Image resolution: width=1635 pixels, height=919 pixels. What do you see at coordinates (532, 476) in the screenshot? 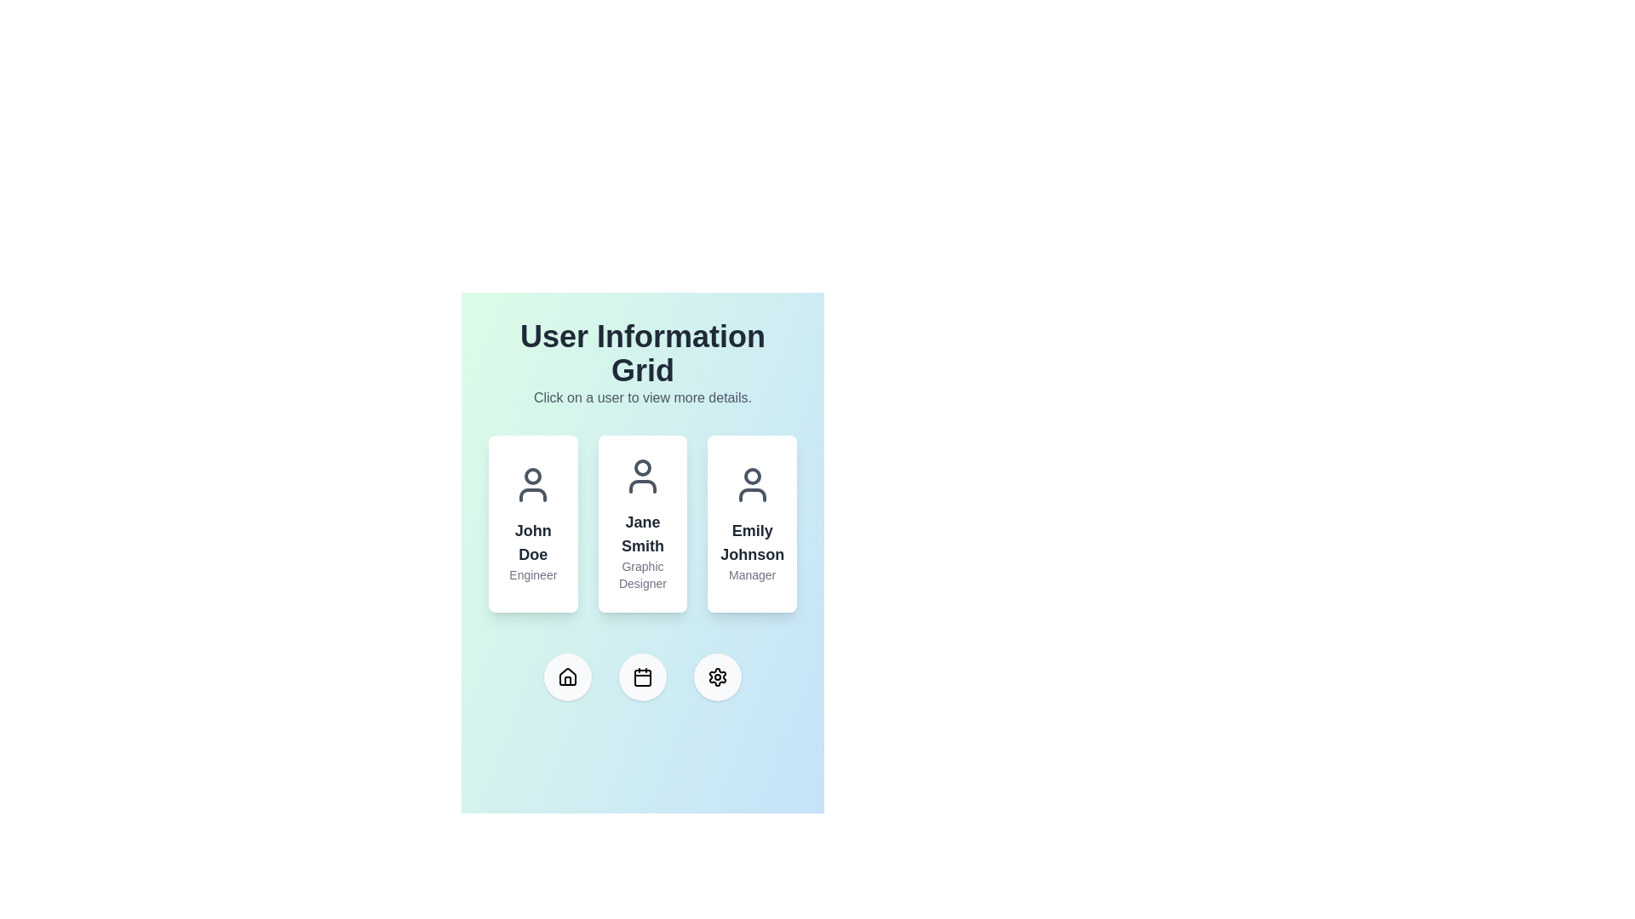
I see `attributes of the graphical circular element that is part of the SVG icon located at the top of the first user card in the grid layout` at bounding box center [532, 476].